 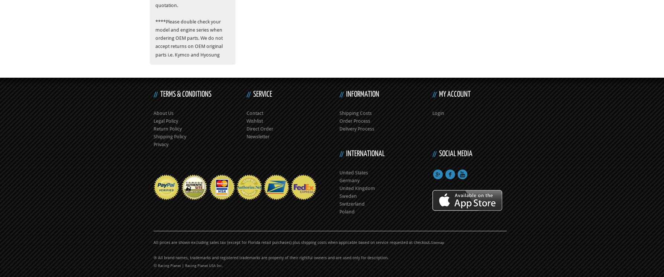 I want to click on 'Order Process', so click(x=355, y=120).